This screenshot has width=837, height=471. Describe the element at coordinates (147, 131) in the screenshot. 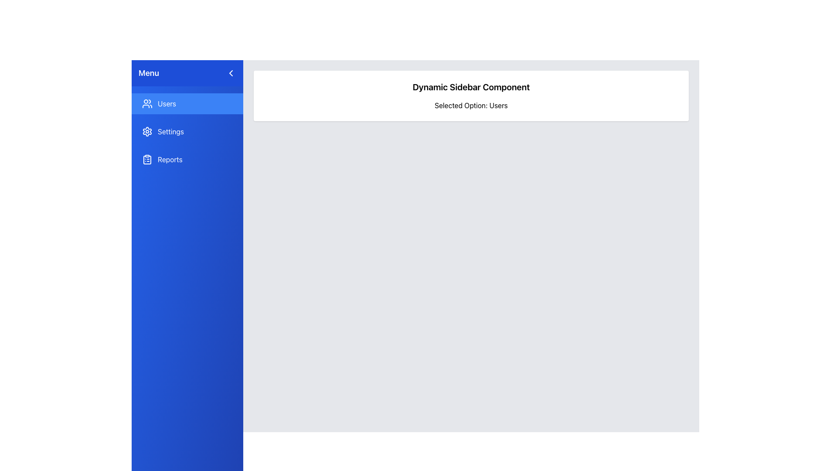

I see `the 'Settings' icon located in the sidebar menu, positioned between the 'Users' and 'Reports' options` at that location.